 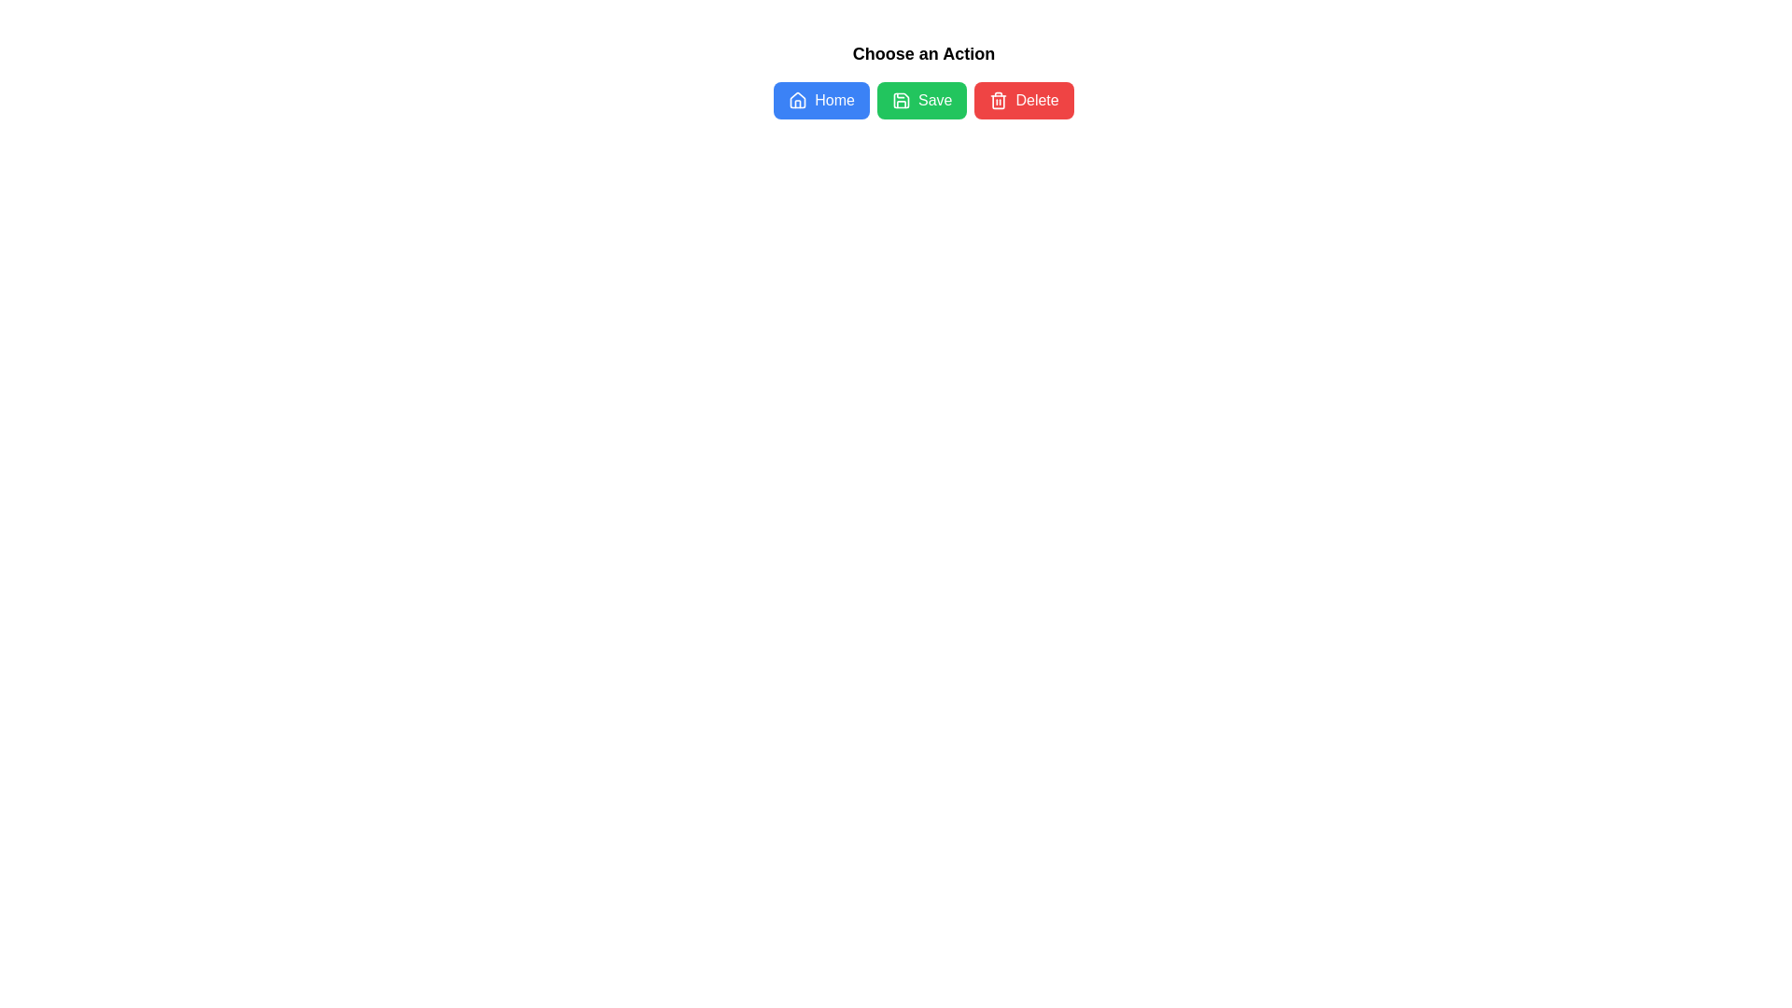 What do you see at coordinates (922, 101) in the screenshot?
I see `the 'Save' button with a green background, rounded corners, and white text` at bounding box center [922, 101].